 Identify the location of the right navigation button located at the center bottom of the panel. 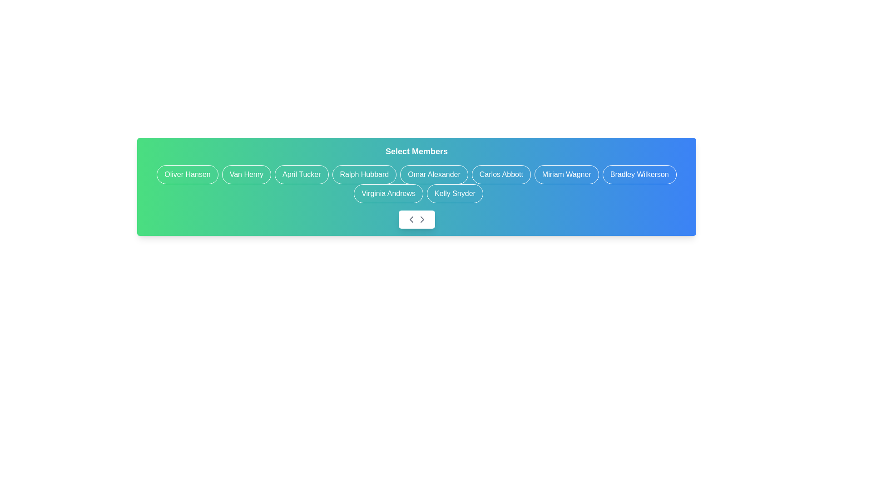
(421, 219).